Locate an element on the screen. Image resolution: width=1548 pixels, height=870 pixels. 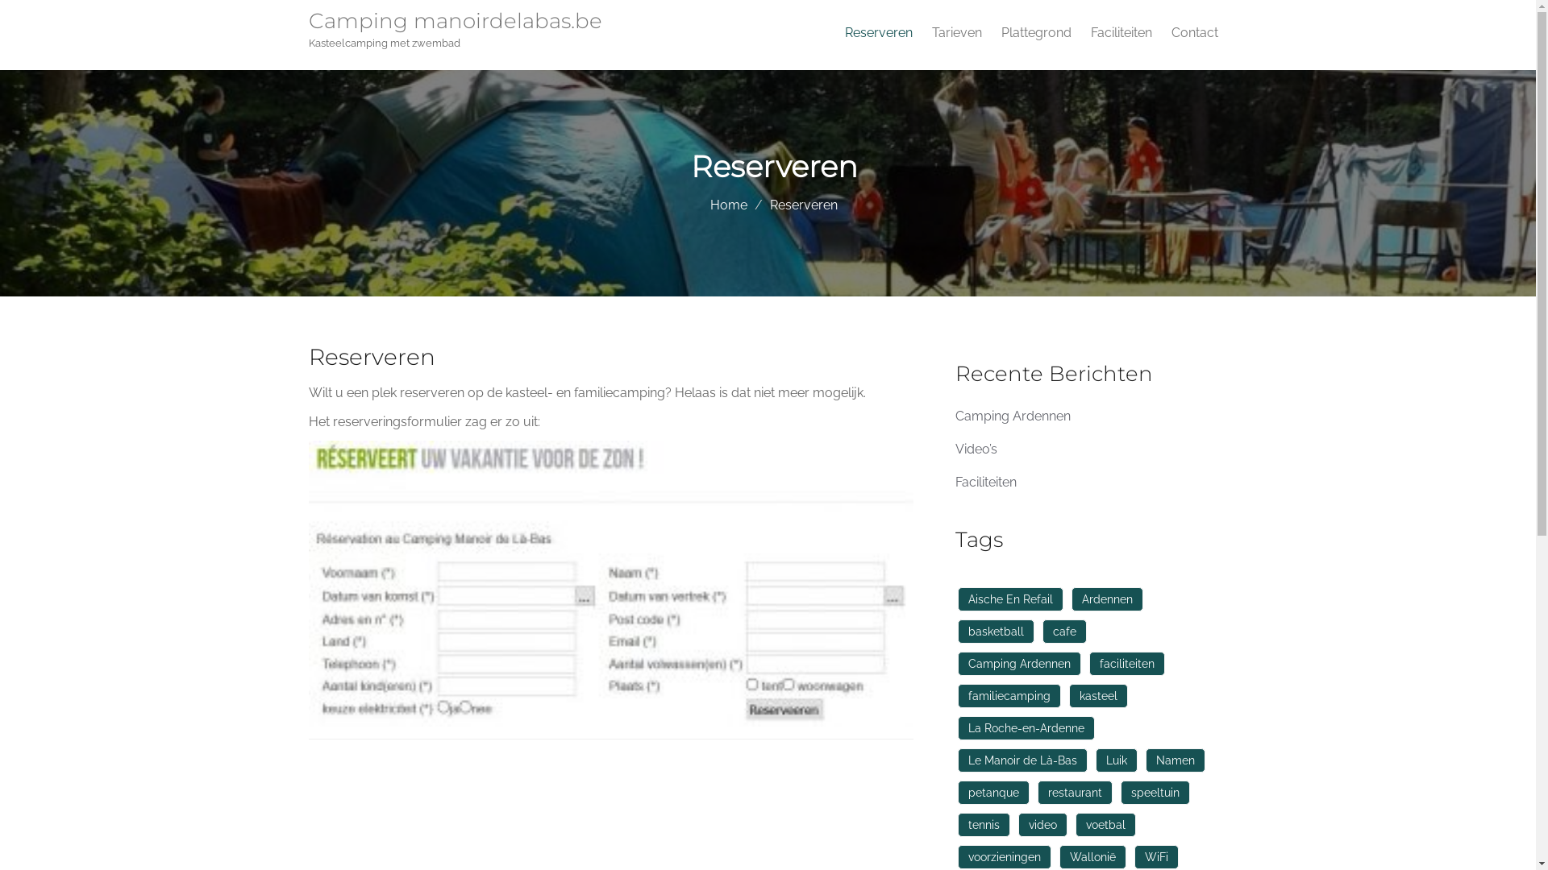
'restaurant' is located at coordinates (1074, 791).